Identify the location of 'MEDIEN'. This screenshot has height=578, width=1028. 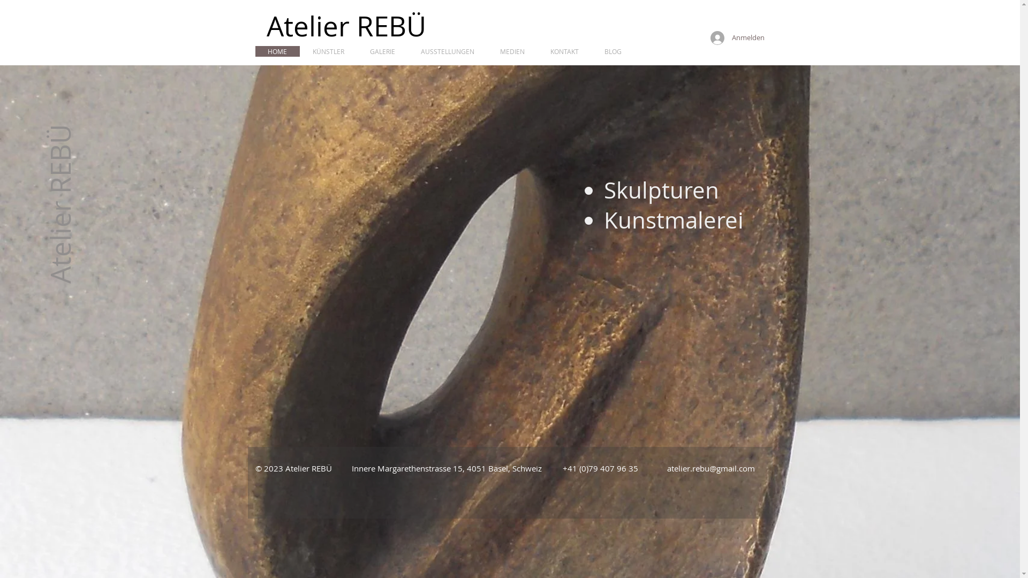
(465, 52).